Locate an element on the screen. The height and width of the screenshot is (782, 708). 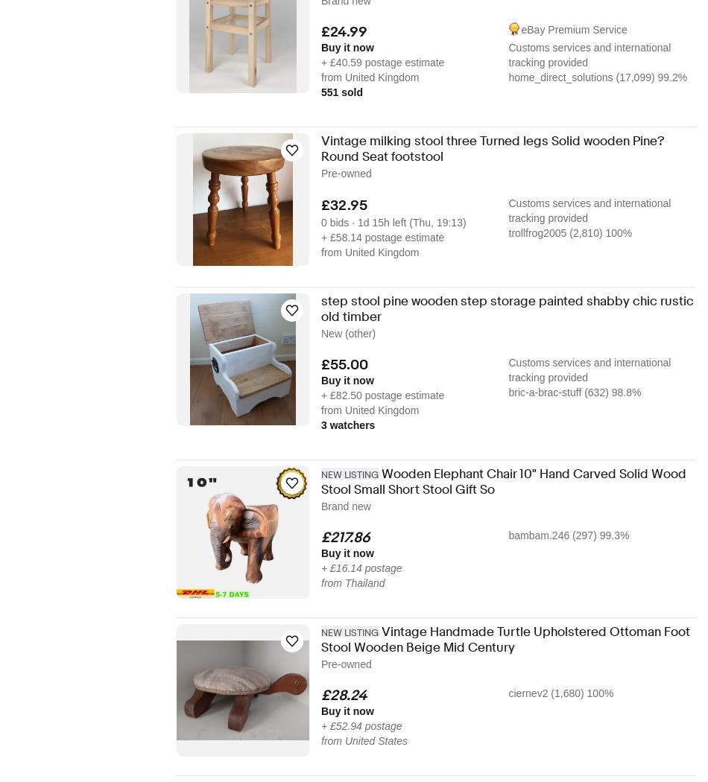
'(Thu, 19:13)' is located at coordinates (409, 220).